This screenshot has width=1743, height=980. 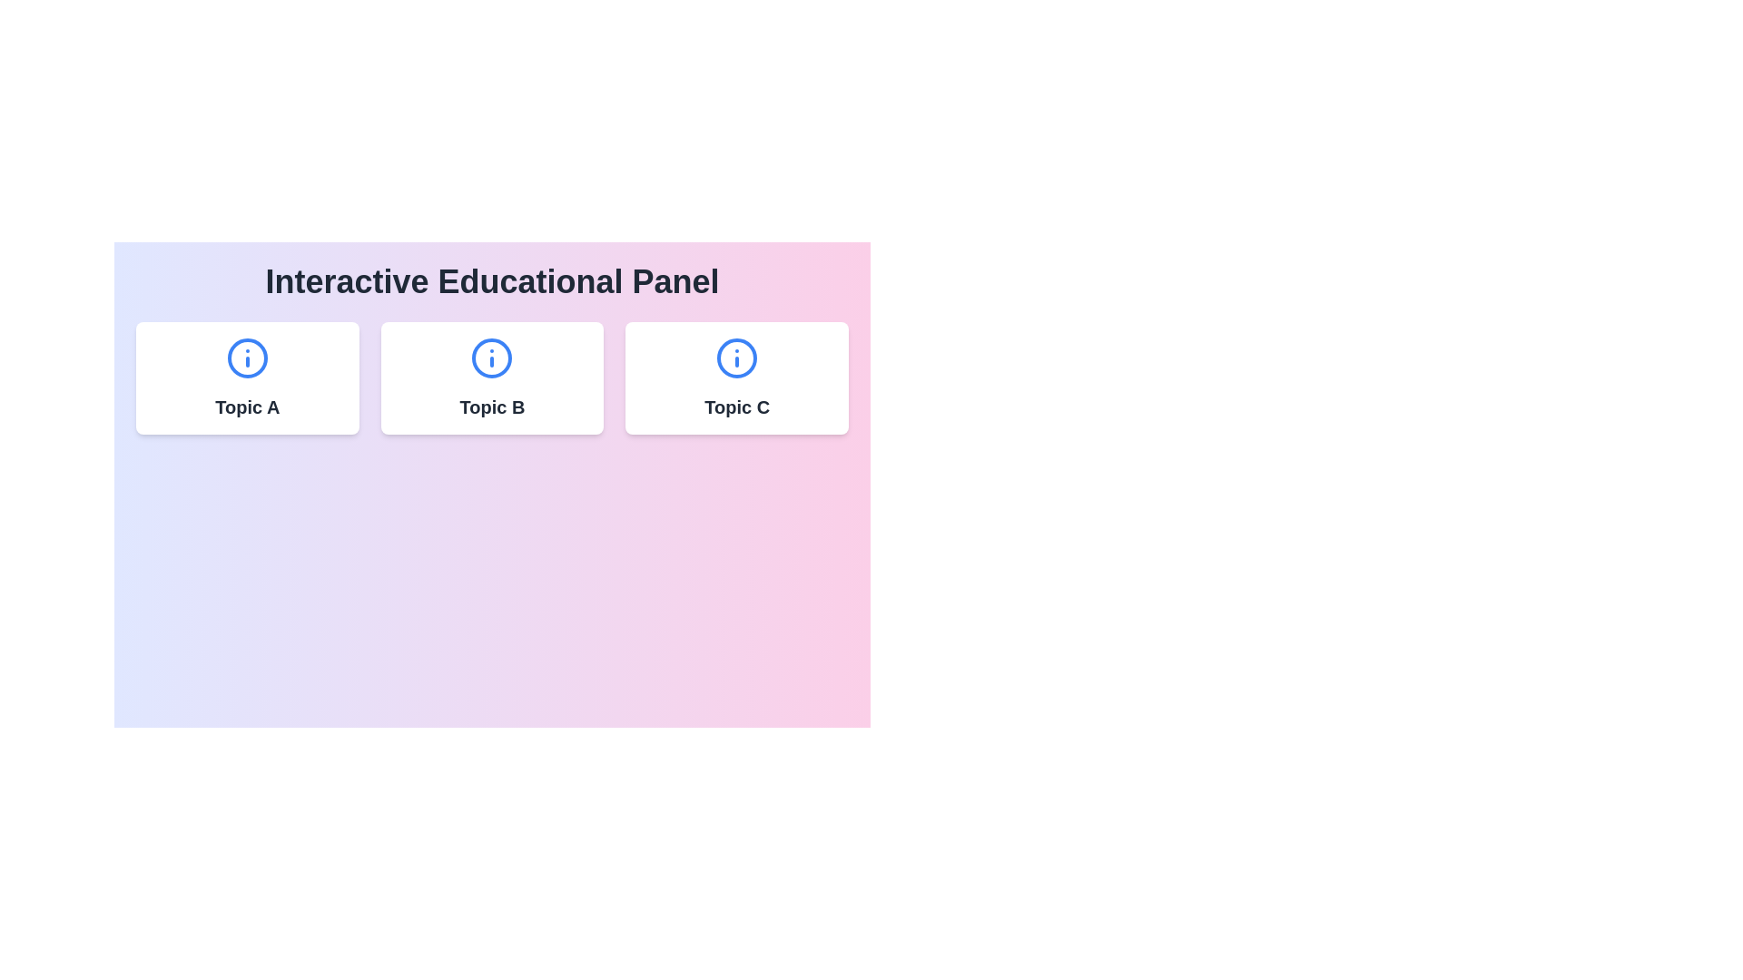 I want to click on the blue circular shape of the information icon located in the 'Topic B' section, positioned between 'Topic A' and 'Topic C', so click(x=492, y=358).